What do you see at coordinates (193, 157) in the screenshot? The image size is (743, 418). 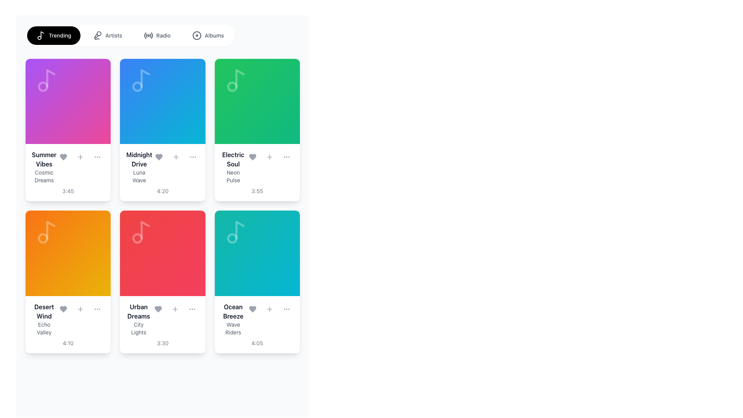 I see `the ellipsis menu button in the interactive controls section of the 'Midnight Drive' music card` at bounding box center [193, 157].